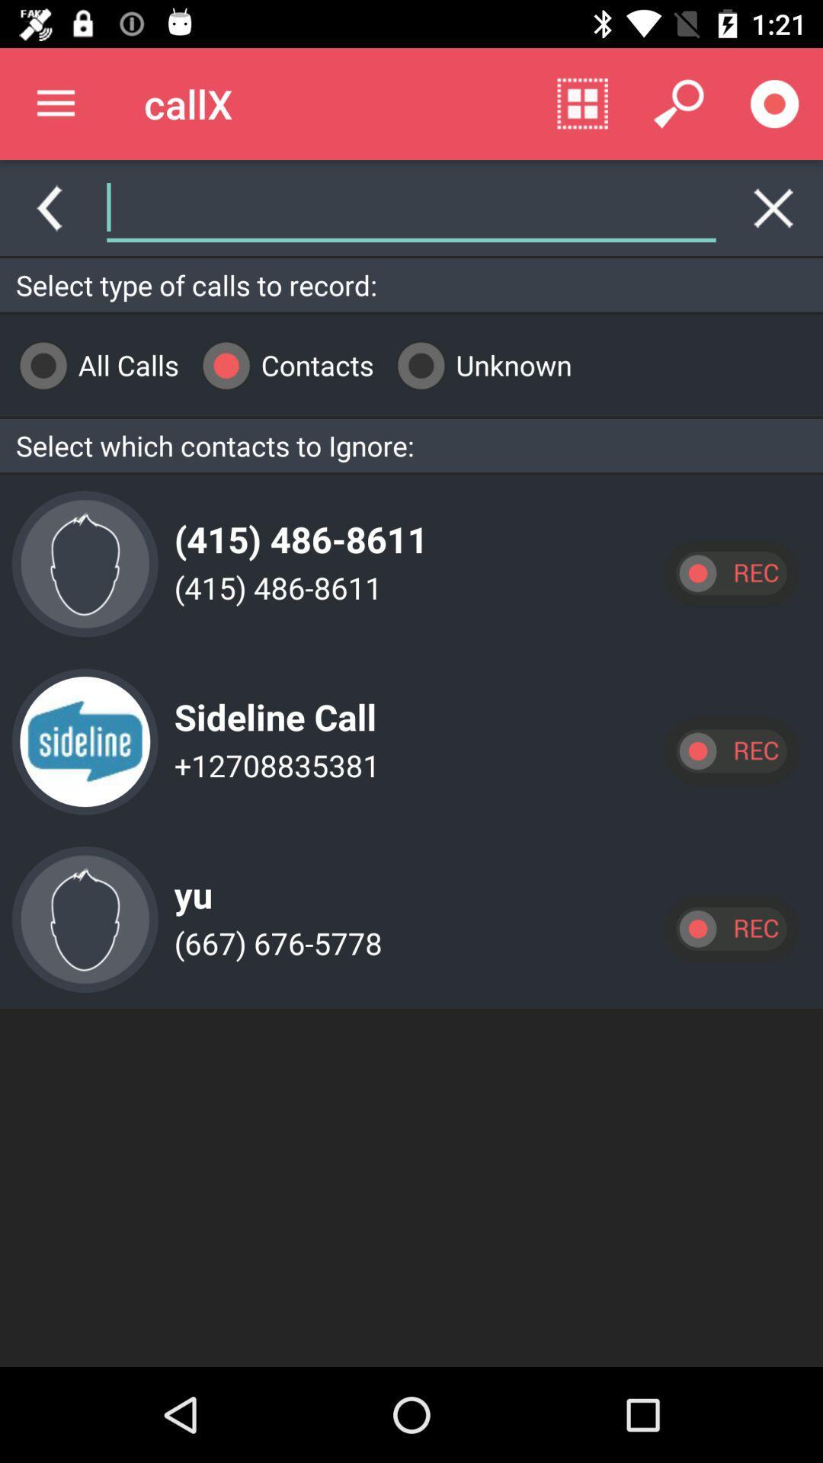 Image resolution: width=823 pixels, height=1463 pixels. I want to click on record call for 415 486-8611, so click(730, 572).